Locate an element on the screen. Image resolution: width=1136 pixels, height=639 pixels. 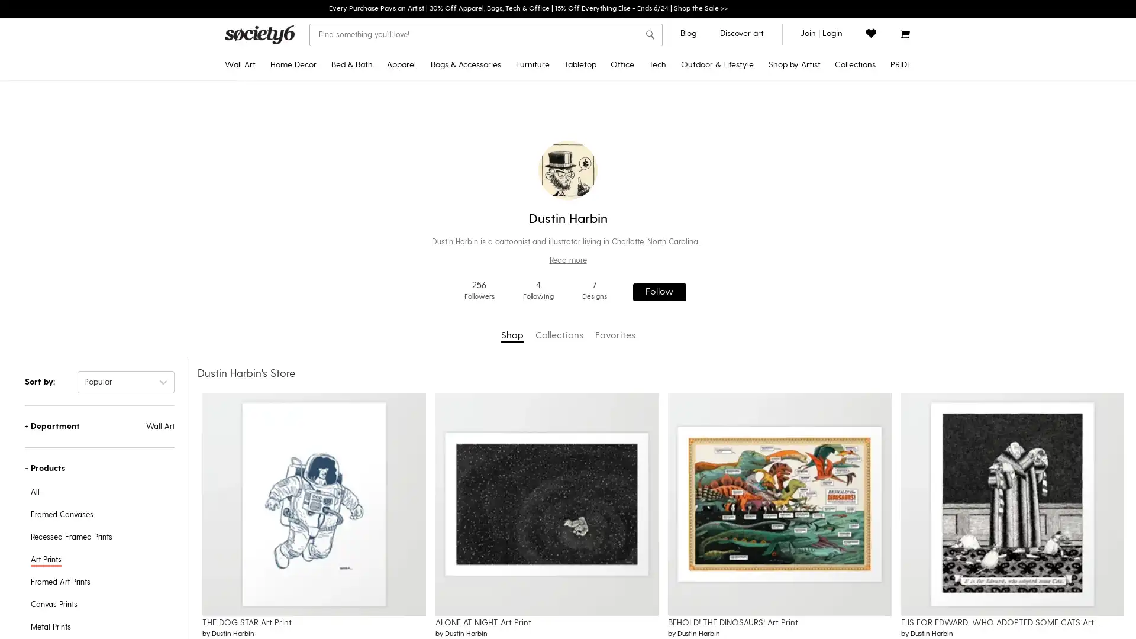
Floor Cushions is located at coordinates (732, 343).